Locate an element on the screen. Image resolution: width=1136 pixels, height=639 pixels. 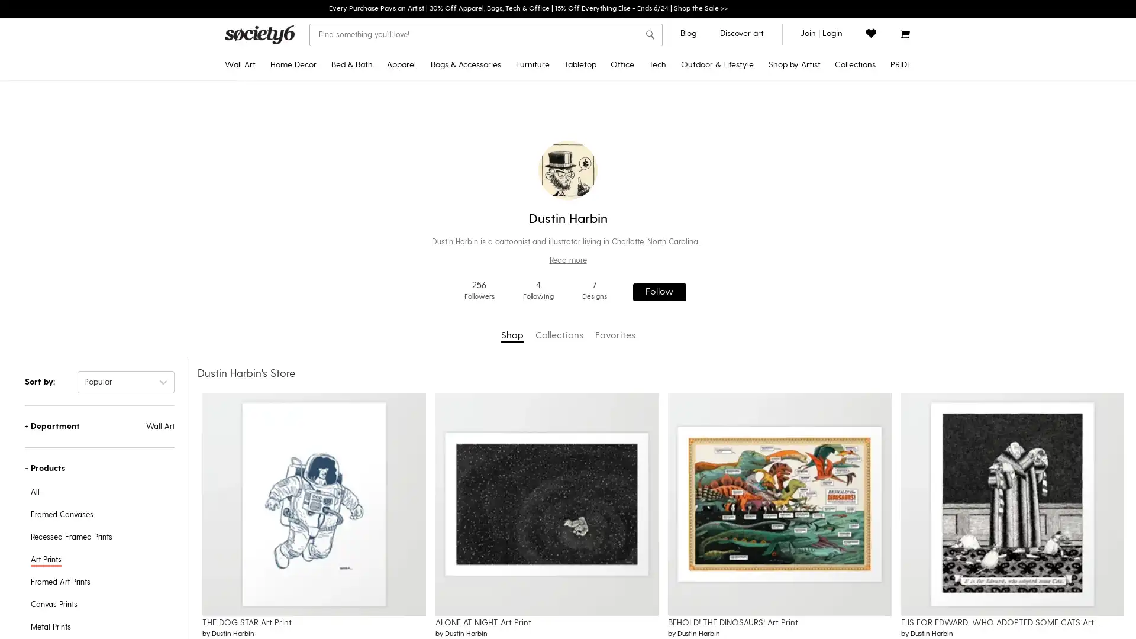
Floor Cushions is located at coordinates (732, 343).